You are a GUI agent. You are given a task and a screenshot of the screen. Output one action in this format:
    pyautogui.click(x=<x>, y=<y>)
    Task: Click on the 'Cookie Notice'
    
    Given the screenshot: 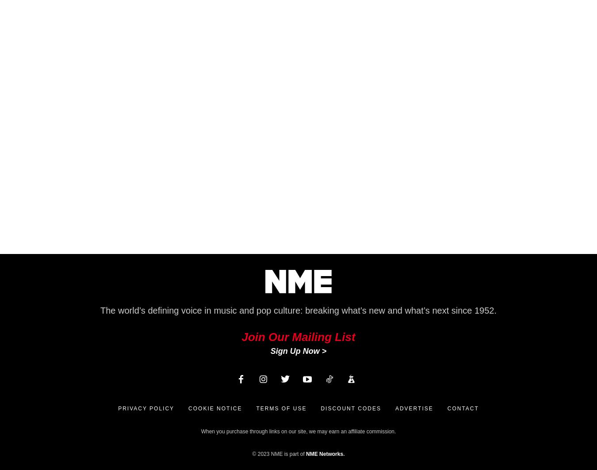 What is the action you would take?
    pyautogui.click(x=214, y=409)
    